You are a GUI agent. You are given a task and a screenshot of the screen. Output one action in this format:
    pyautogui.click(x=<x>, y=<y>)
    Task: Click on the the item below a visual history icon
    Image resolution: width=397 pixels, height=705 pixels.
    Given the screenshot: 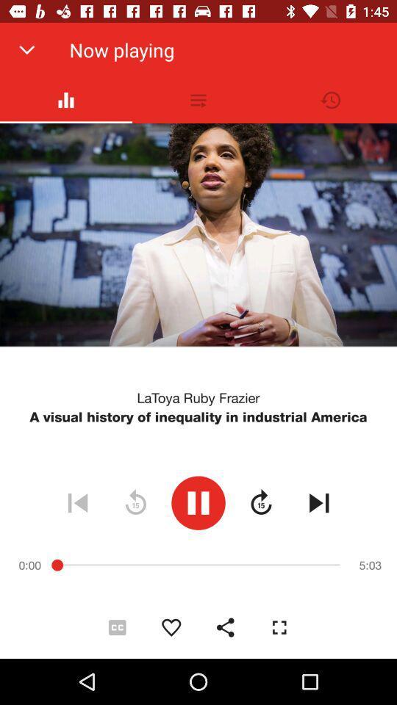 What is the action you would take?
    pyautogui.click(x=198, y=503)
    